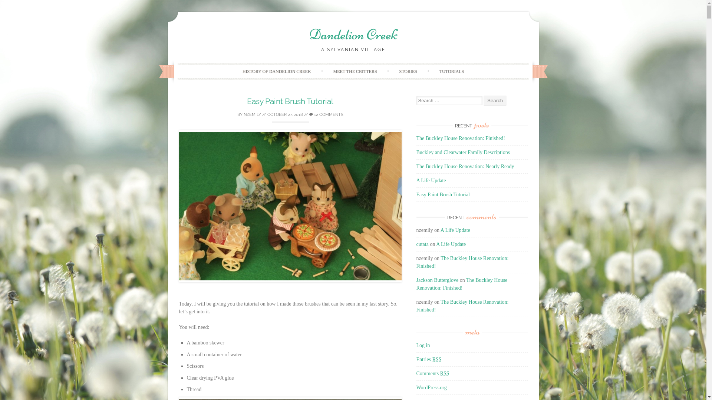  Describe the element at coordinates (416, 194) in the screenshot. I see `'Easy Paint Brush Tutorial'` at that location.